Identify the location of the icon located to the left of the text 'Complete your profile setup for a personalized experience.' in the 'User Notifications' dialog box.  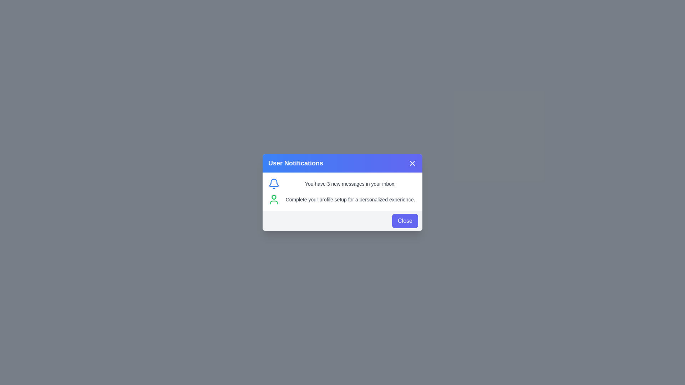
(274, 199).